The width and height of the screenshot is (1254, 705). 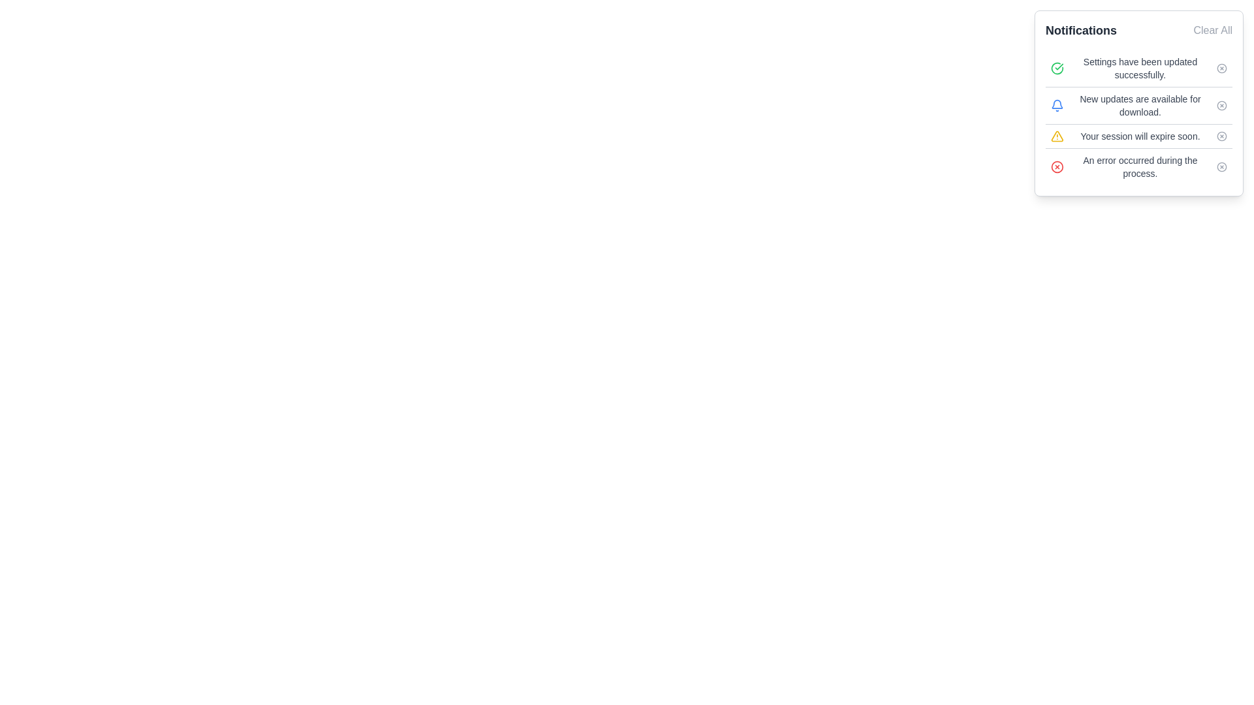 I want to click on the button to dismiss the notification entry with the text 'Settings have been updated successfully.' located at the far right of the notification panel, so click(x=1221, y=68).